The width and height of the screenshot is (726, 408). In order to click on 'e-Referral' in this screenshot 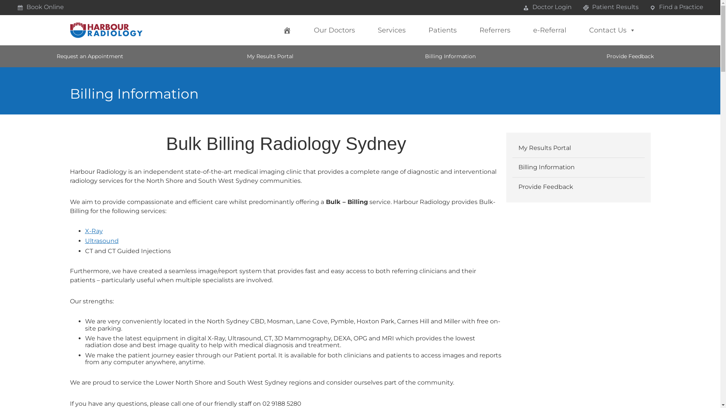, I will do `click(550, 30)`.